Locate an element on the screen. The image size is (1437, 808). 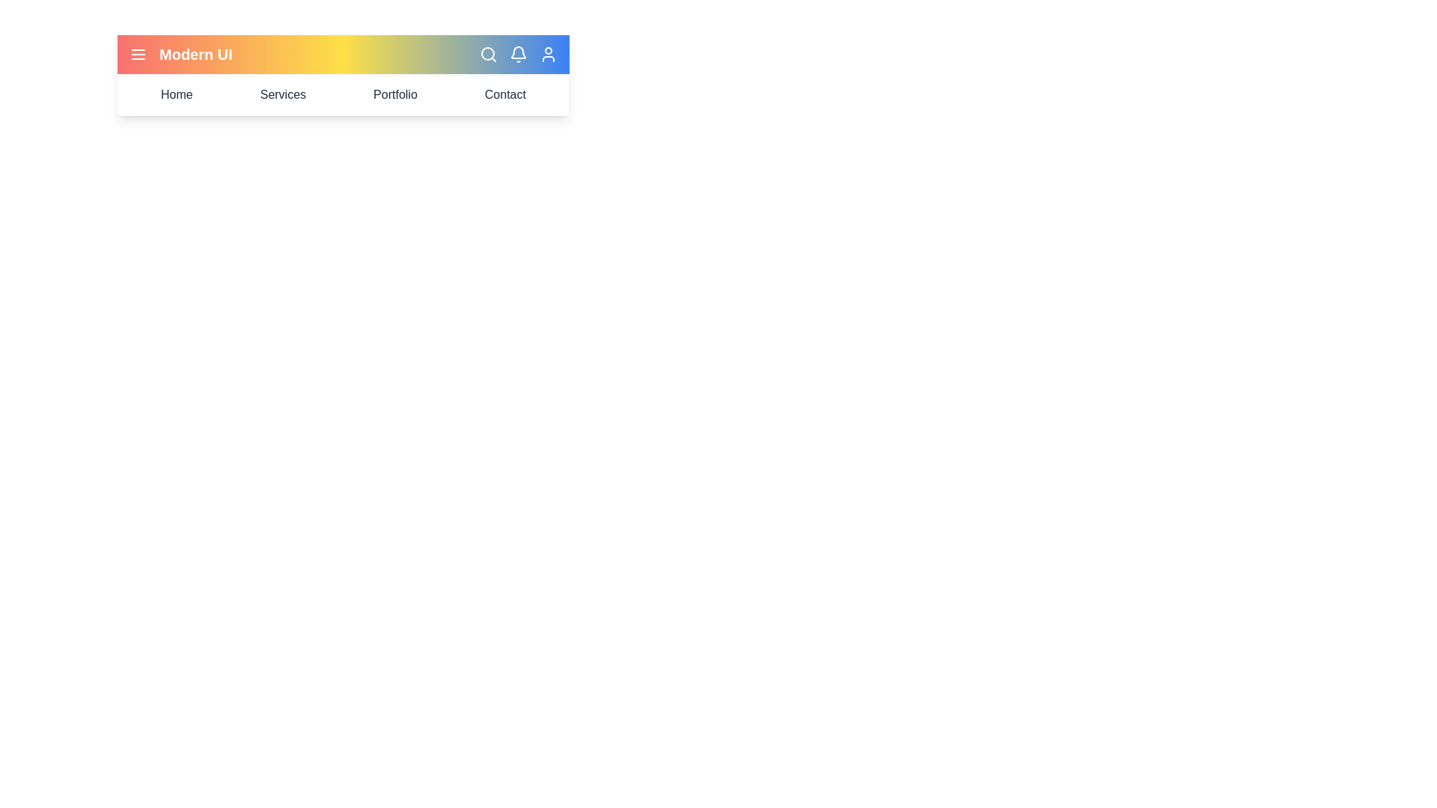
the 'Services' menu item in the navigation bar is located at coordinates (283, 95).